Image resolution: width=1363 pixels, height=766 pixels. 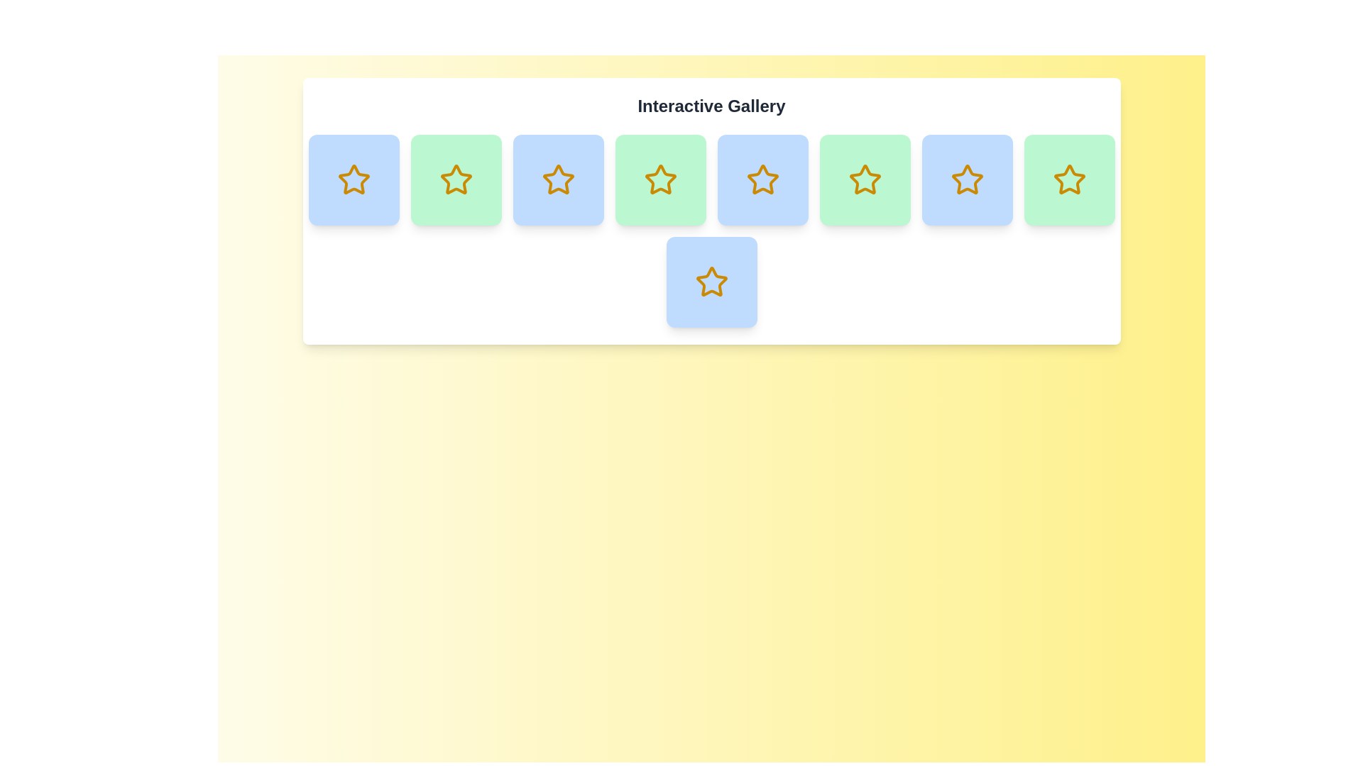 What do you see at coordinates (659, 179) in the screenshot?
I see `the yellow star icon with an outlined design, which is centered within a green square, located at the fourth position in a horizontal sequence of square containers in the gallery` at bounding box center [659, 179].